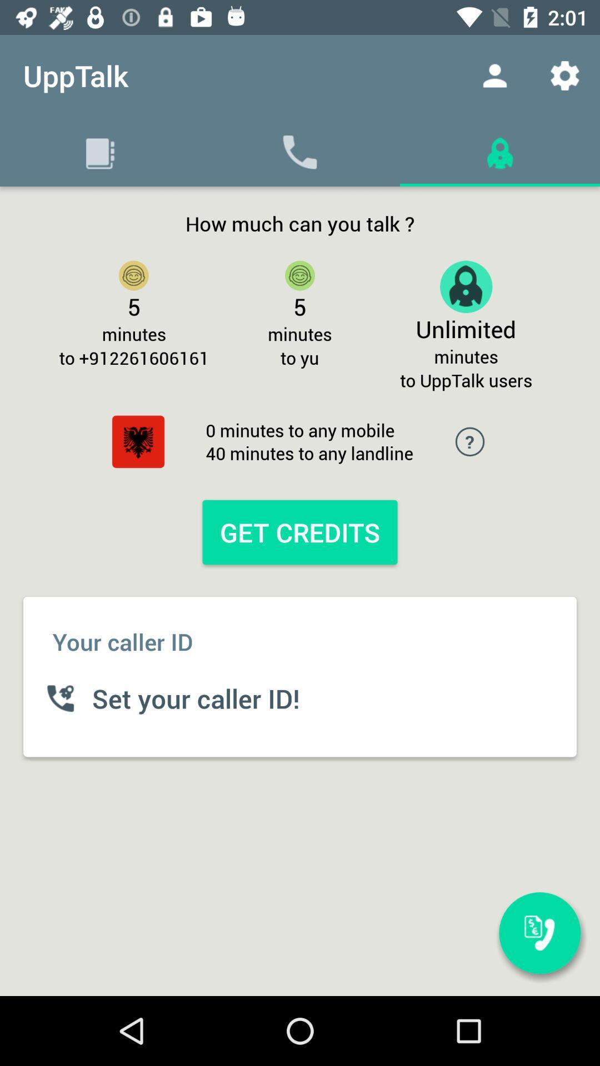 The image size is (600, 1066). Describe the element at coordinates (539, 933) in the screenshot. I see `icon at the bottom right corner` at that location.